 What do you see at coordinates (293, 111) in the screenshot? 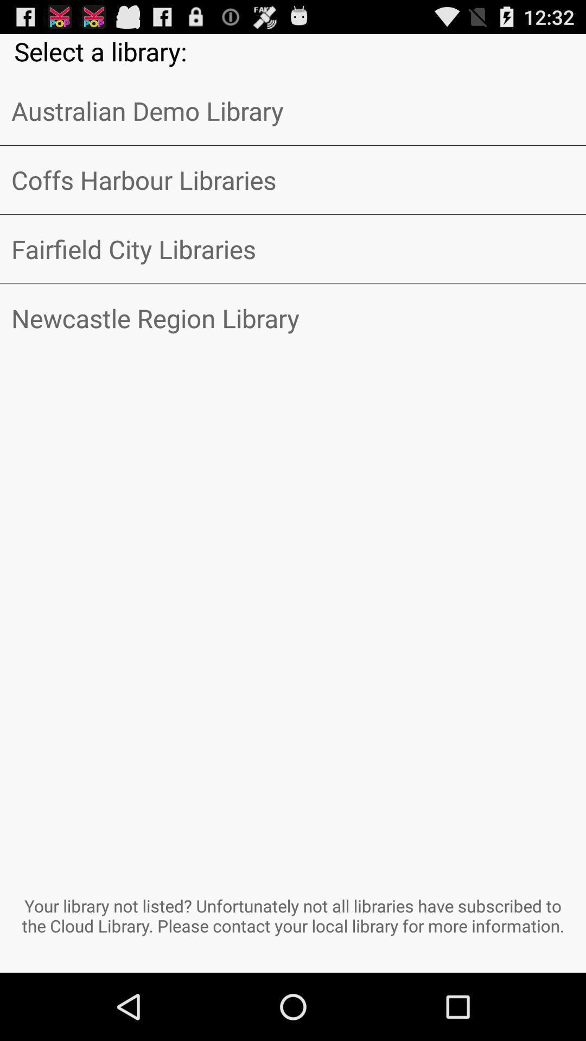
I see `icon below select a library: app` at bounding box center [293, 111].